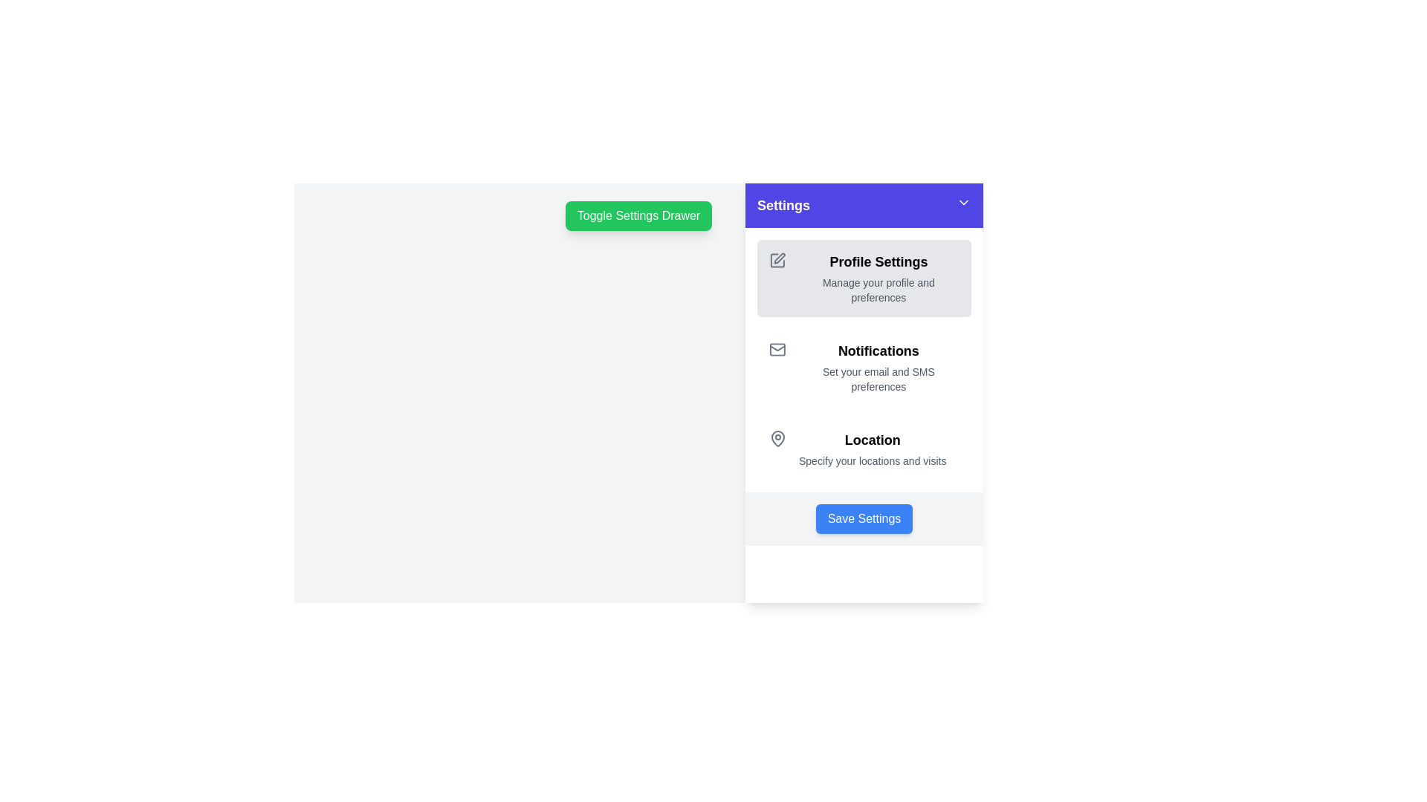 This screenshot has width=1427, height=802. Describe the element at coordinates (864, 518) in the screenshot. I see `the save changes button located at the bottom center of the settings panel` at that location.